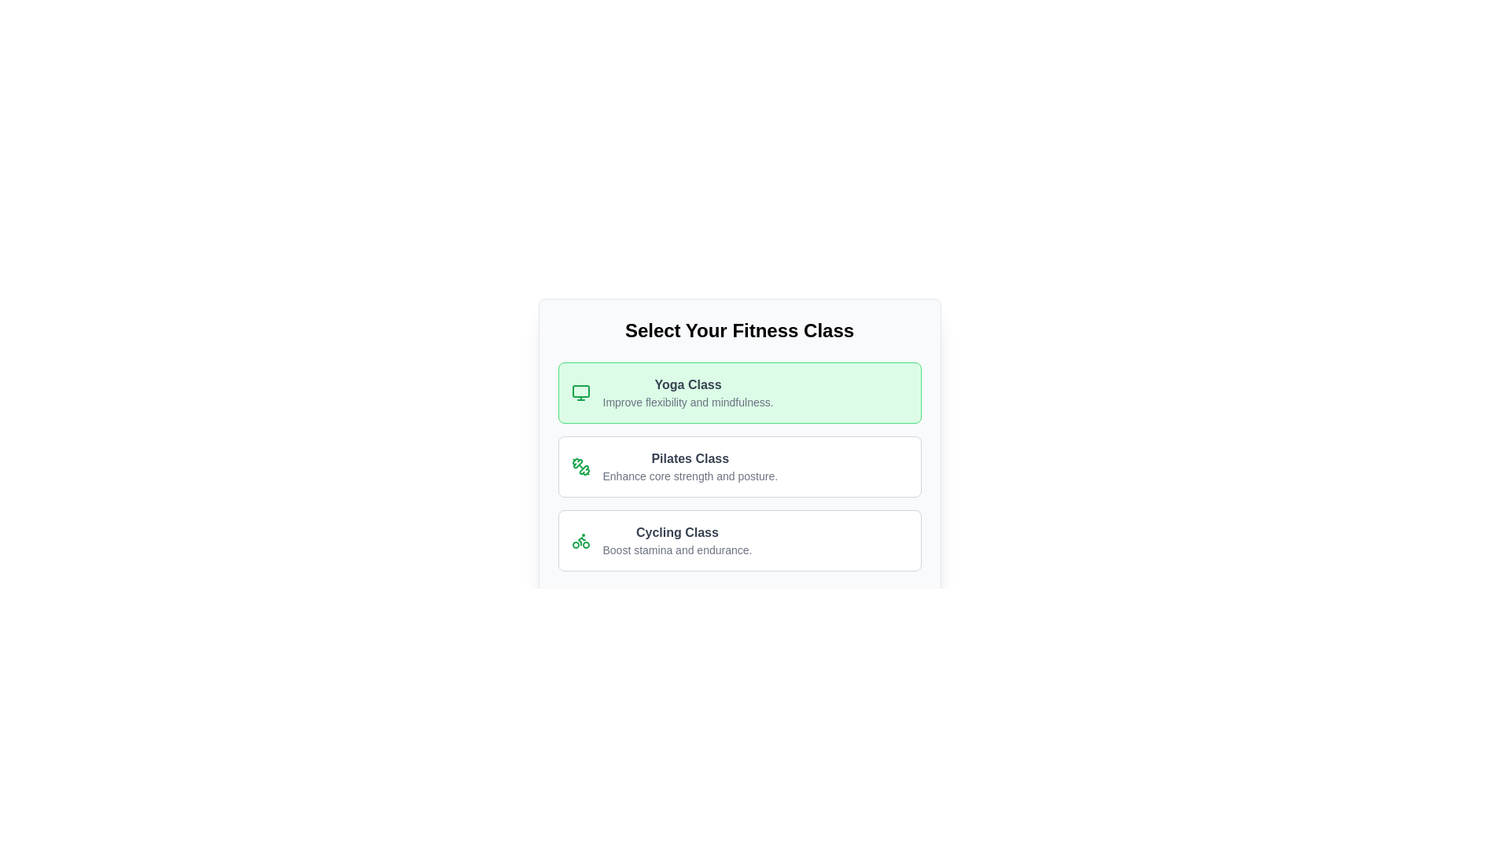 The image size is (1510, 849). What do you see at coordinates (688, 402) in the screenshot?
I see `the descriptive text label that provides details about the Yoga Class, located directly below the 'Yoga Class' heading within the green-highlighted clickable card` at bounding box center [688, 402].